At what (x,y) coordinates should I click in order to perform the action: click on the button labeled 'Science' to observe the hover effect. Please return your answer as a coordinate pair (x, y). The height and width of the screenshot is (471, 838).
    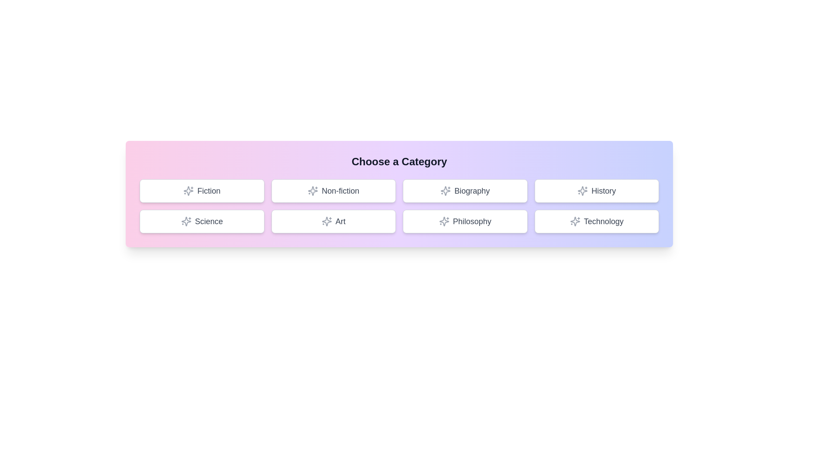
    Looking at the image, I should click on (201, 221).